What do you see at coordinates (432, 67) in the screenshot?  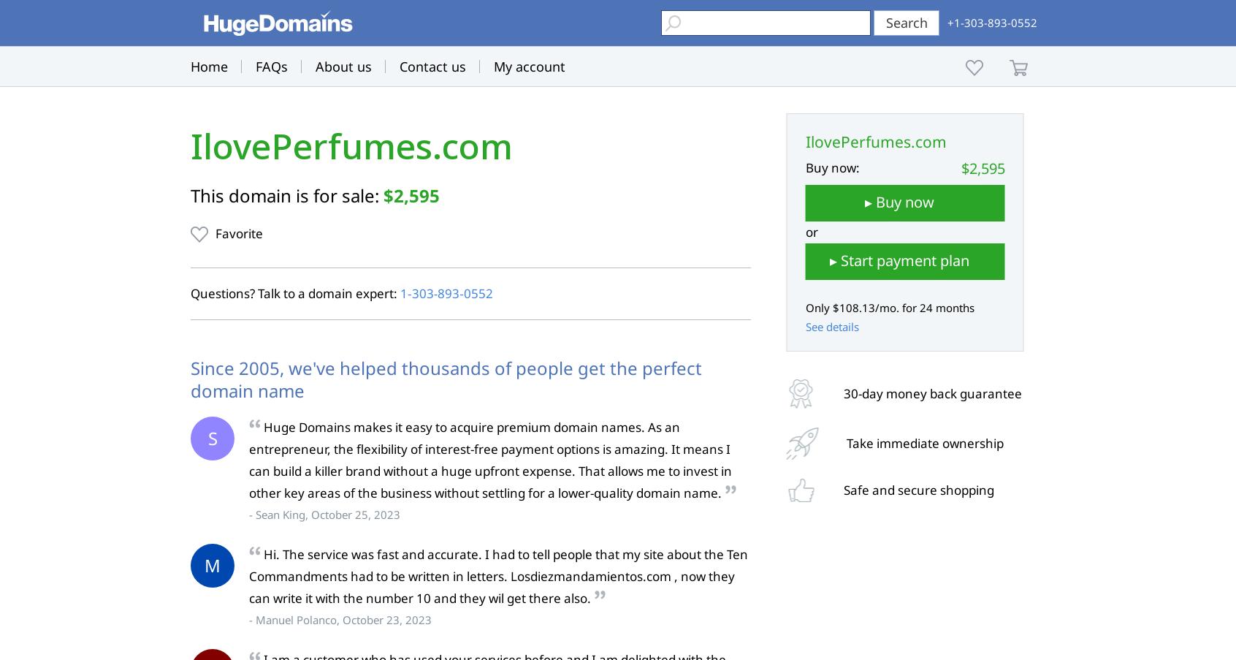 I see `'Contact us'` at bounding box center [432, 67].